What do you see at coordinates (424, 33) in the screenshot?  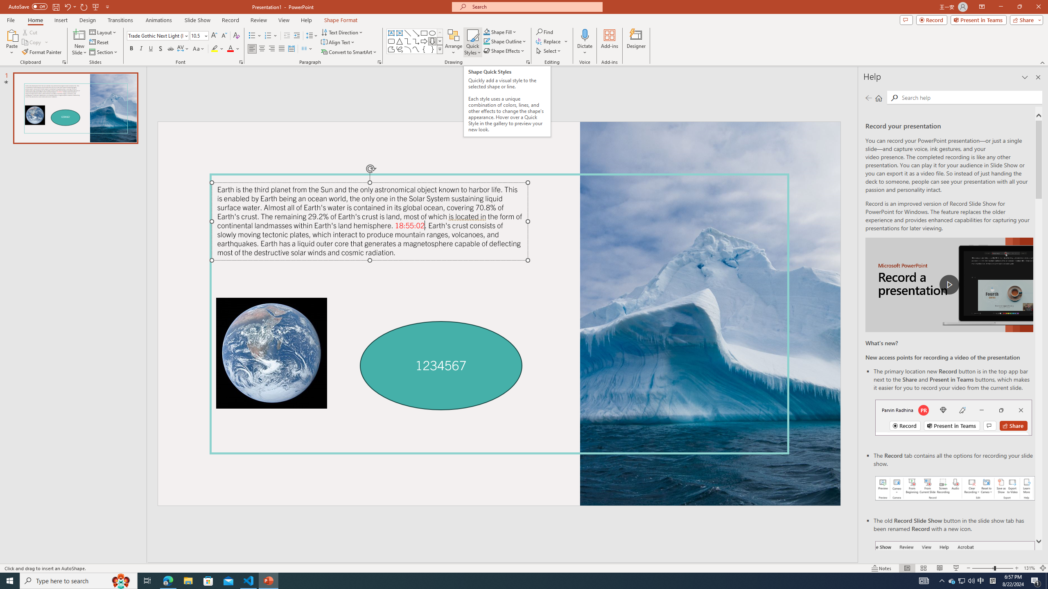 I see `'Rectangle'` at bounding box center [424, 33].